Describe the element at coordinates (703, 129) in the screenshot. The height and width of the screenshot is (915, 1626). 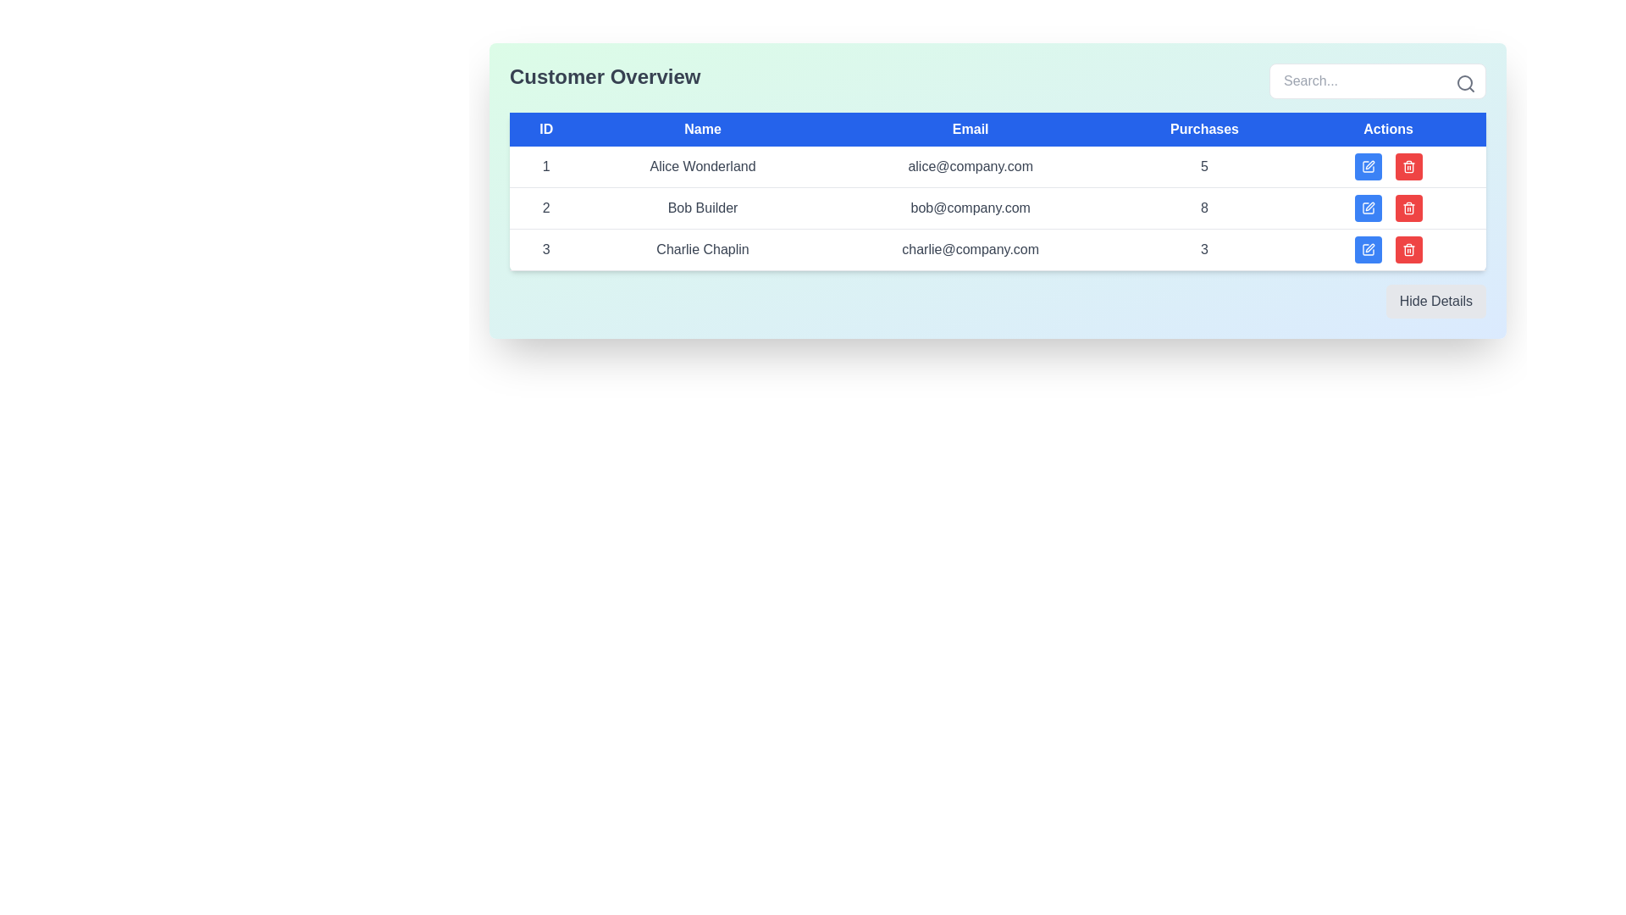
I see `the table header element labeled 'Name', which has a blue background and white centered text, positioned as the second column header in a table` at that location.